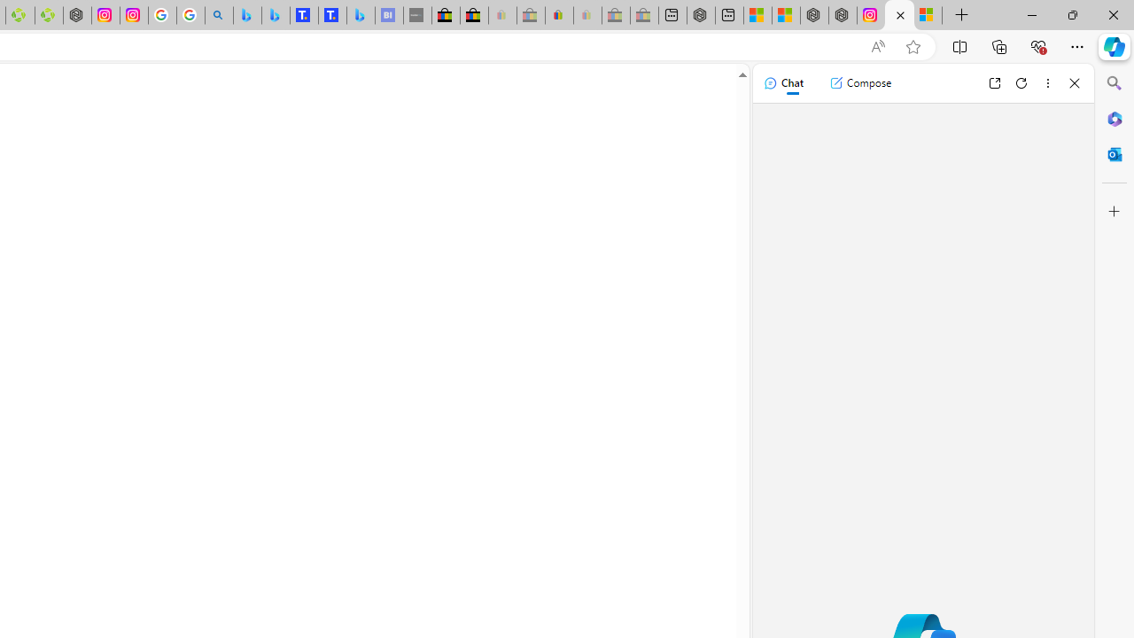 The height and width of the screenshot is (638, 1134). Describe the element at coordinates (360, 15) in the screenshot. I see `'Microsoft Bing Travel - Shangri-La Hotel Bangkok'` at that location.